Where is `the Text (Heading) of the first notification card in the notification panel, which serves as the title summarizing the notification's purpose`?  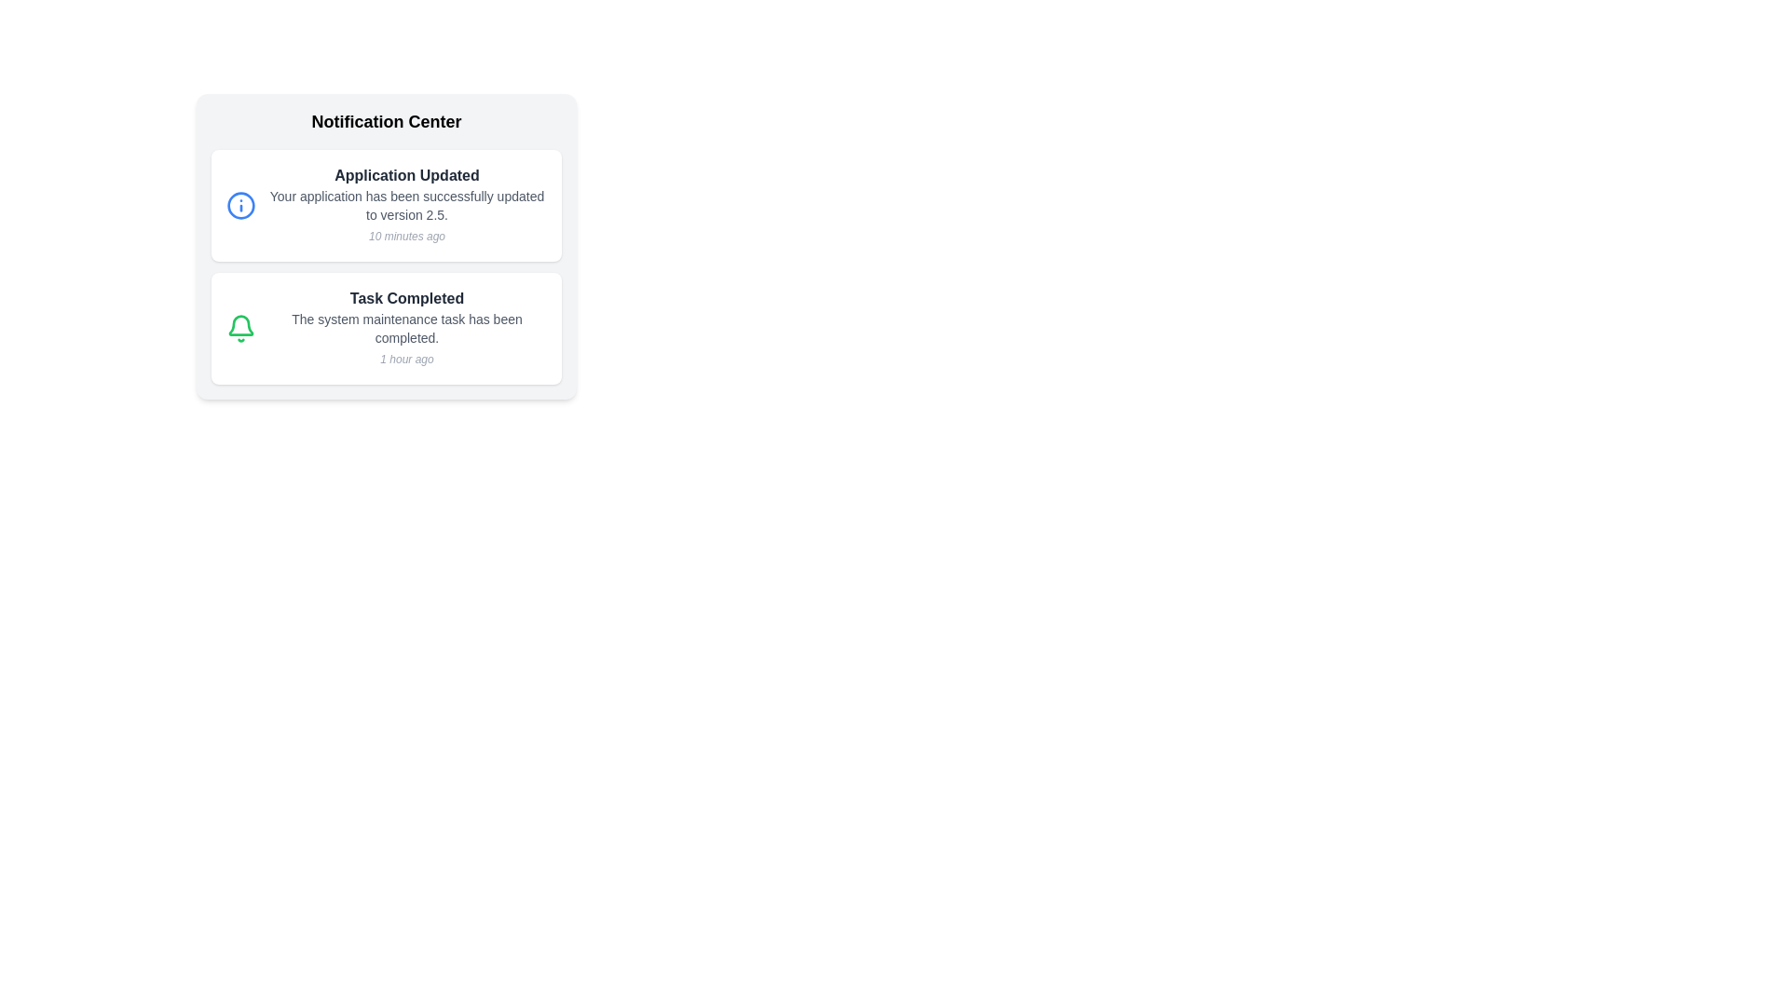 the Text (Heading) of the first notification card in the notification panel, which serves as the title summarizing the notification's purpose is located at coordinates (405, 176).